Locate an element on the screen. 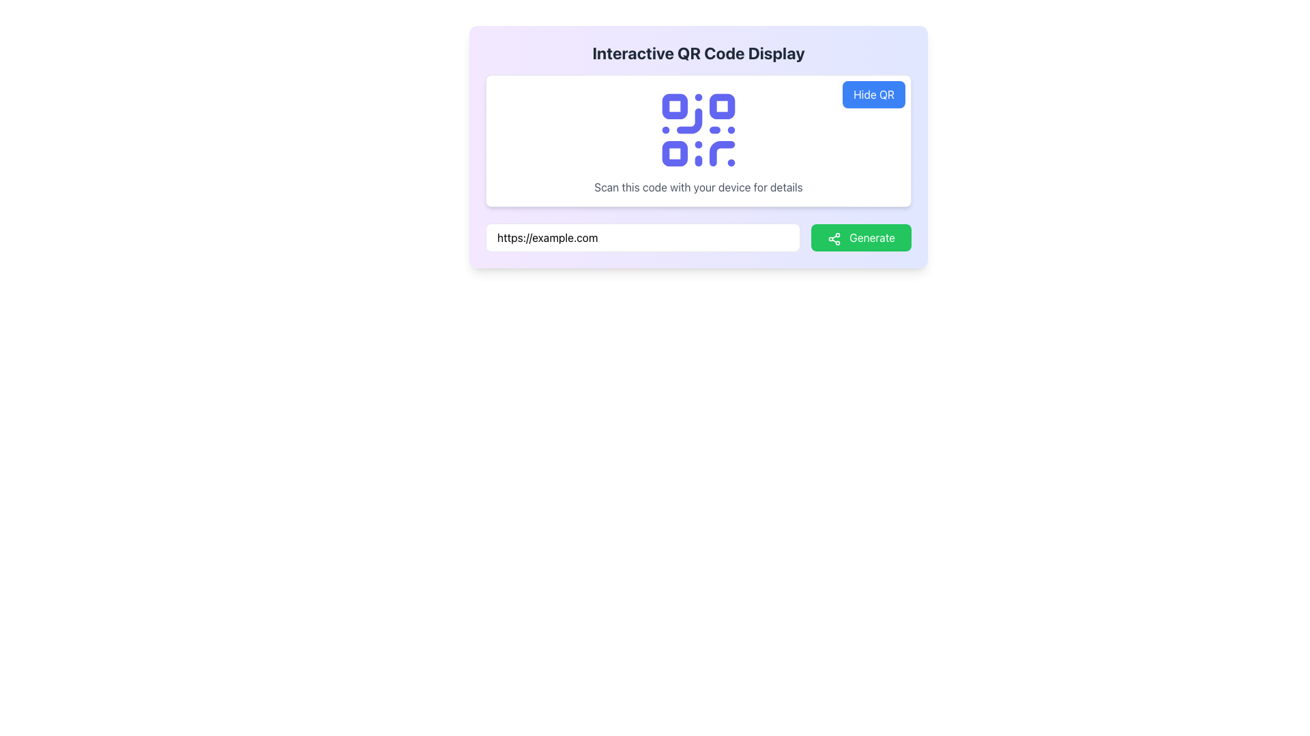  the curved graphical component forming part of the QR code display, located in the lower-right corner of the top-left square within the Interactive QR Code Display section is located at coordinates (689, 120).